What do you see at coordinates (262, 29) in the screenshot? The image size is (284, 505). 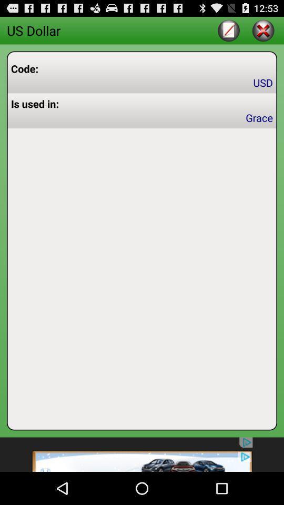 I see `the window` at bounding box center [262, 29].